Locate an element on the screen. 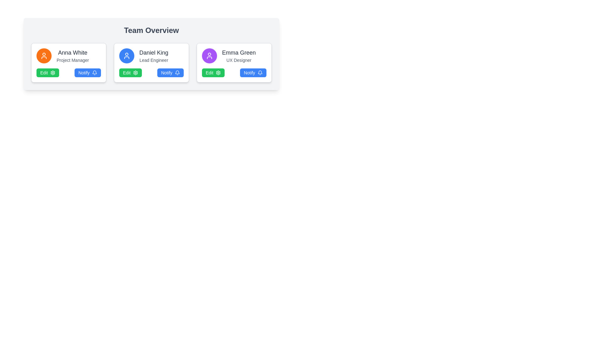 This screenshot has width=604, height=339. the text display element that shows information about 'Daniel King', the 'Lead Engineer', which is located in the central card of the 'Team Overview' section is located at coordinates (154, 55).